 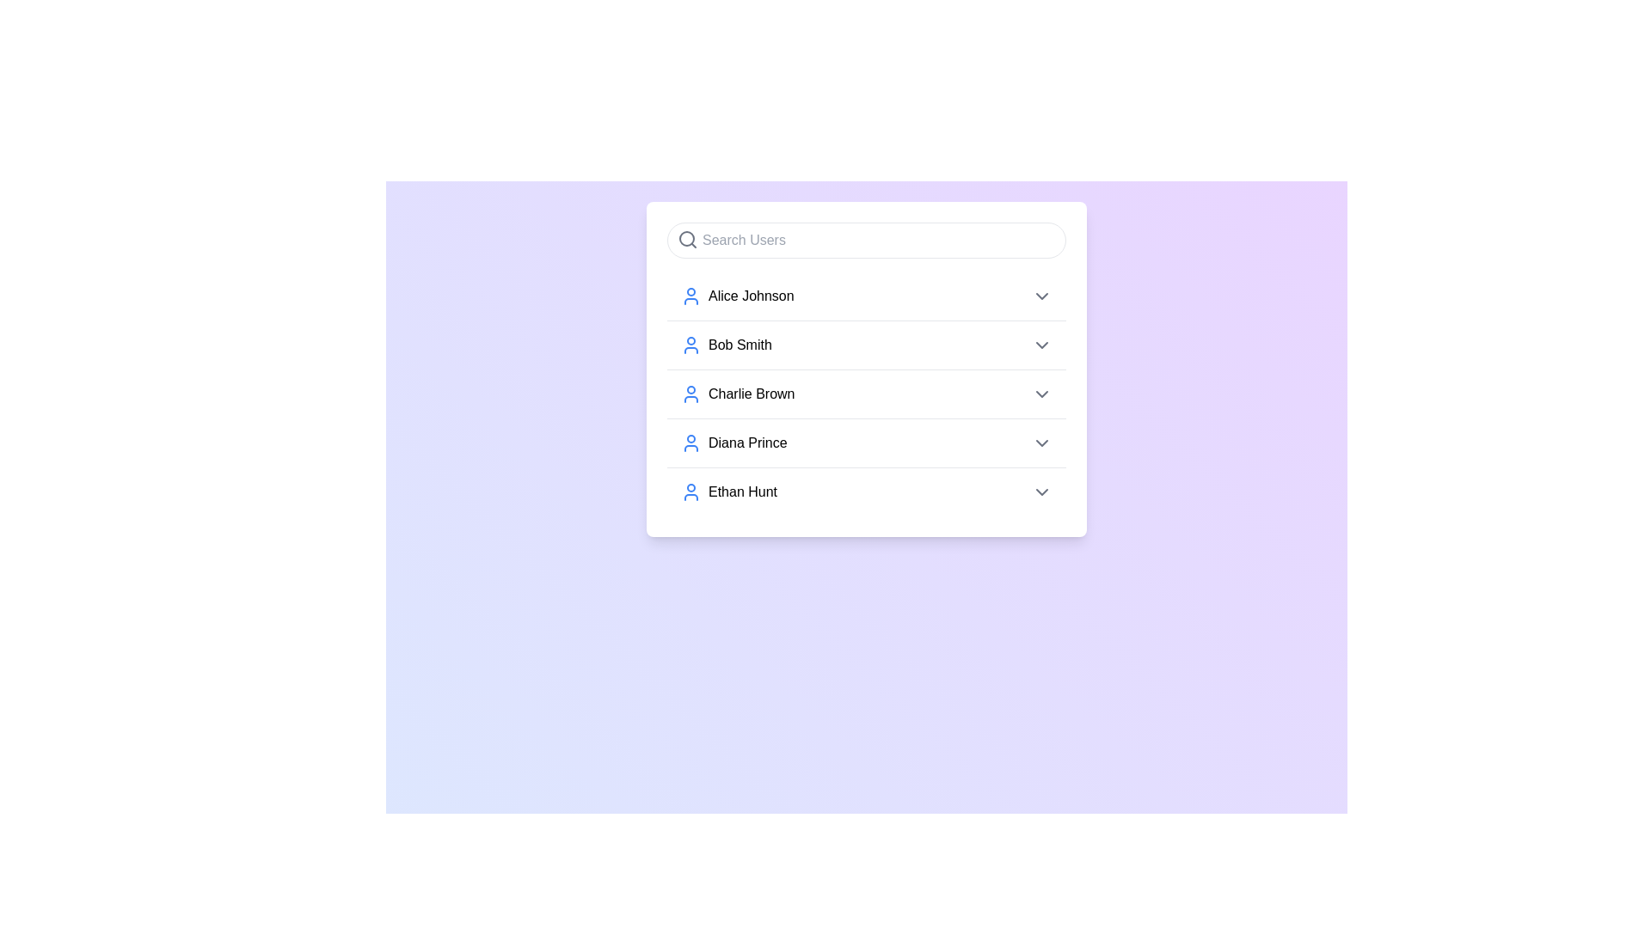 I want to click on the text label displaying the name 'Ethan Hunt', which is styled with a standard font and is the last entry in a vertical list of user entries within a dropdown-like component, so click(x=743, y=492).